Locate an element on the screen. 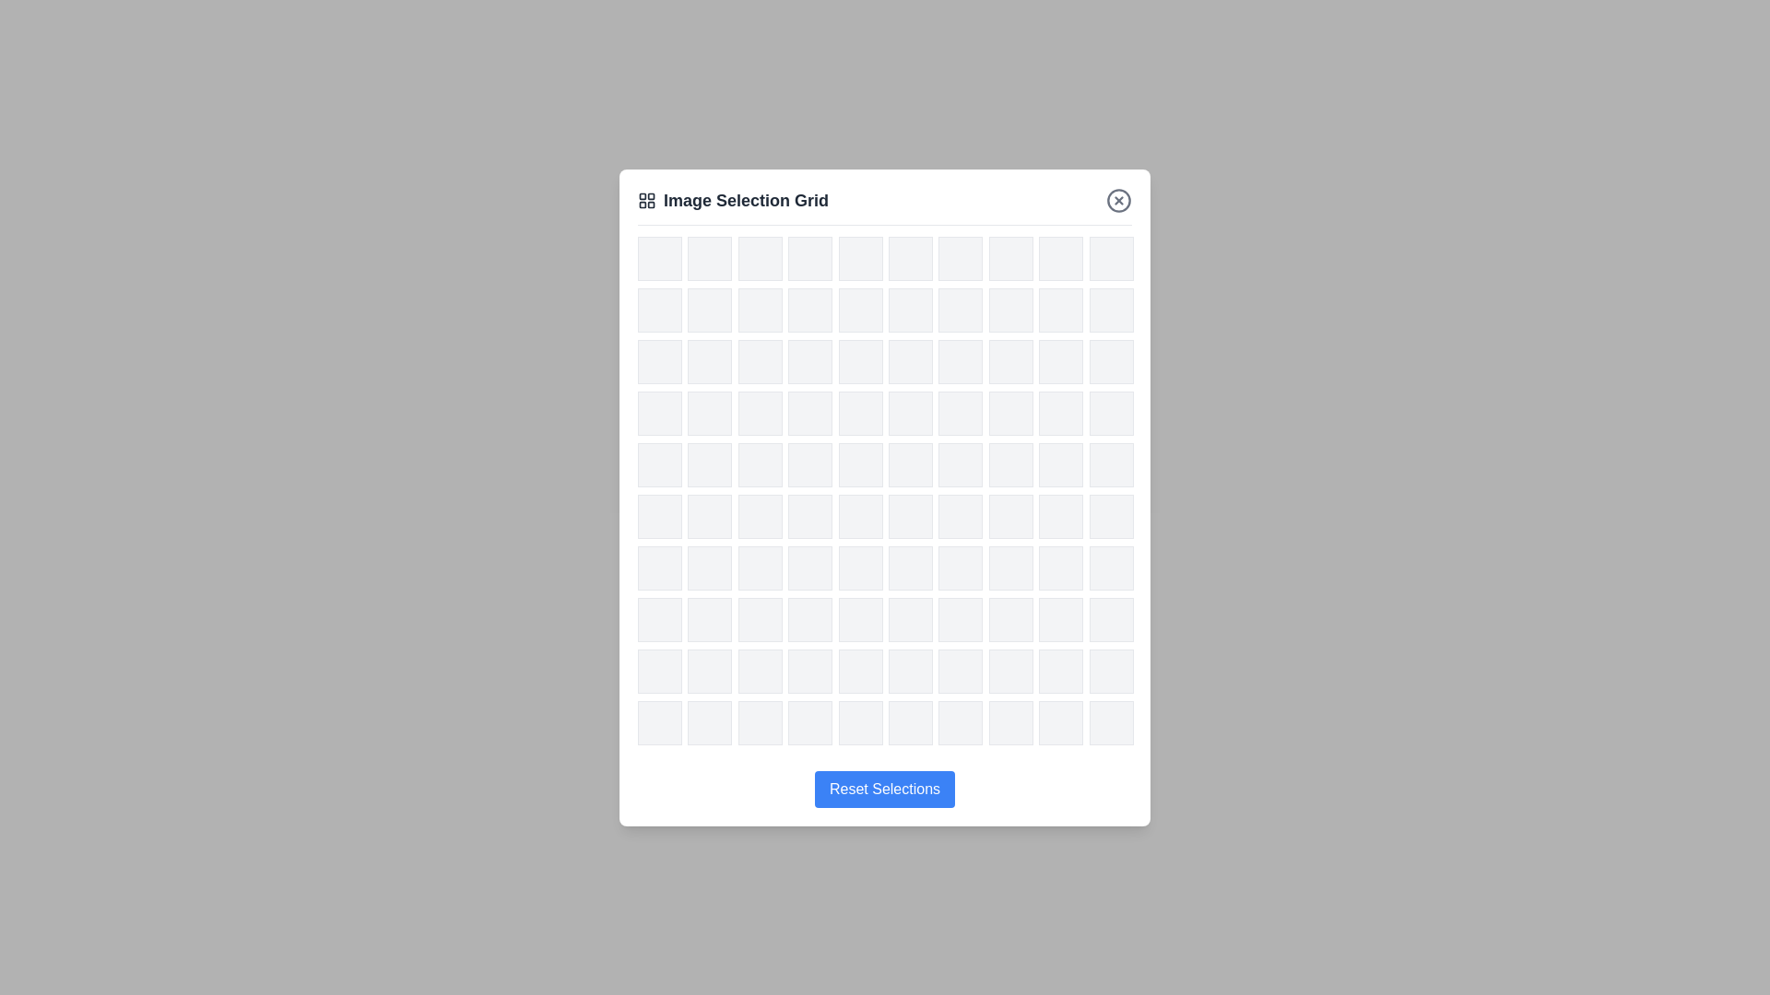  the header area of the dialog is located at coordinates (885, 205).